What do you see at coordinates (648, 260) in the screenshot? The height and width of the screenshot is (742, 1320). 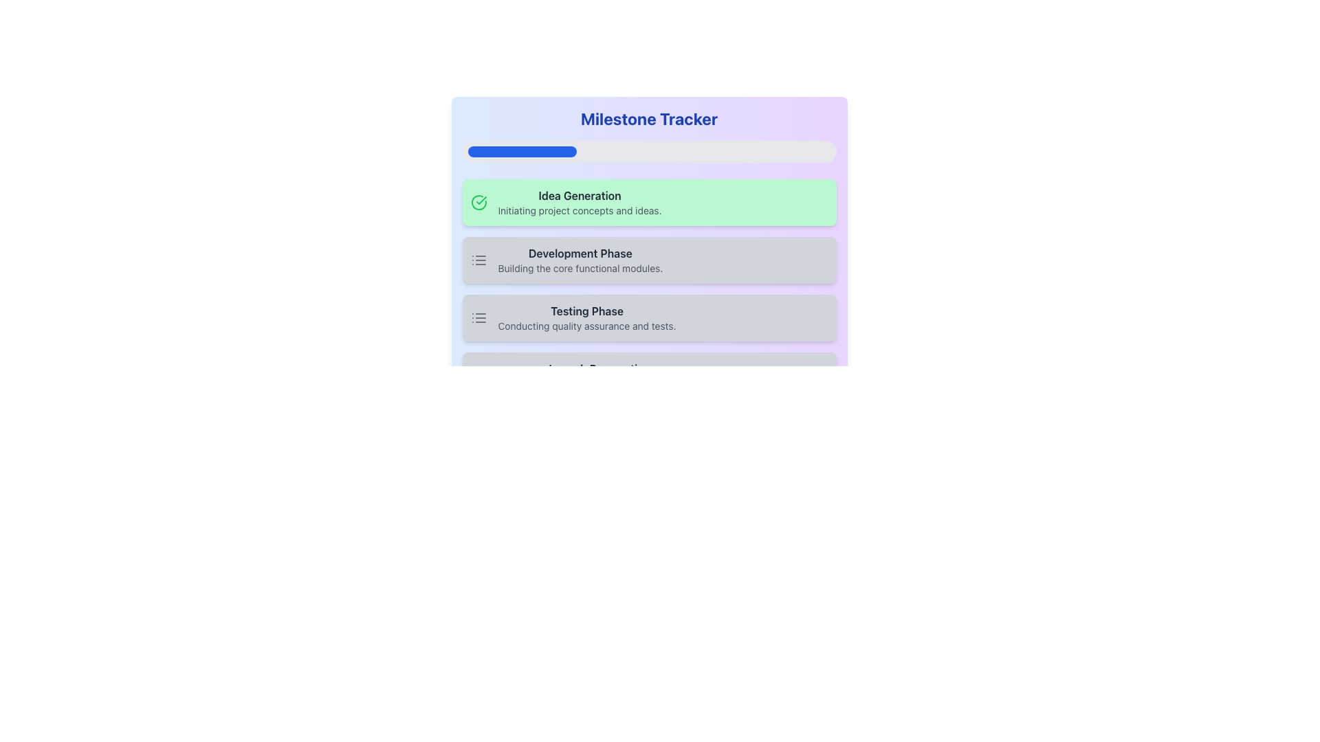 I see `description of the 'Development Phase' step indicator in the milestone tracking process, which is the second element in a vertical list, positioned below 'Idea Generation' and above 'Testing Phase'` at bounding box center [648, 260].